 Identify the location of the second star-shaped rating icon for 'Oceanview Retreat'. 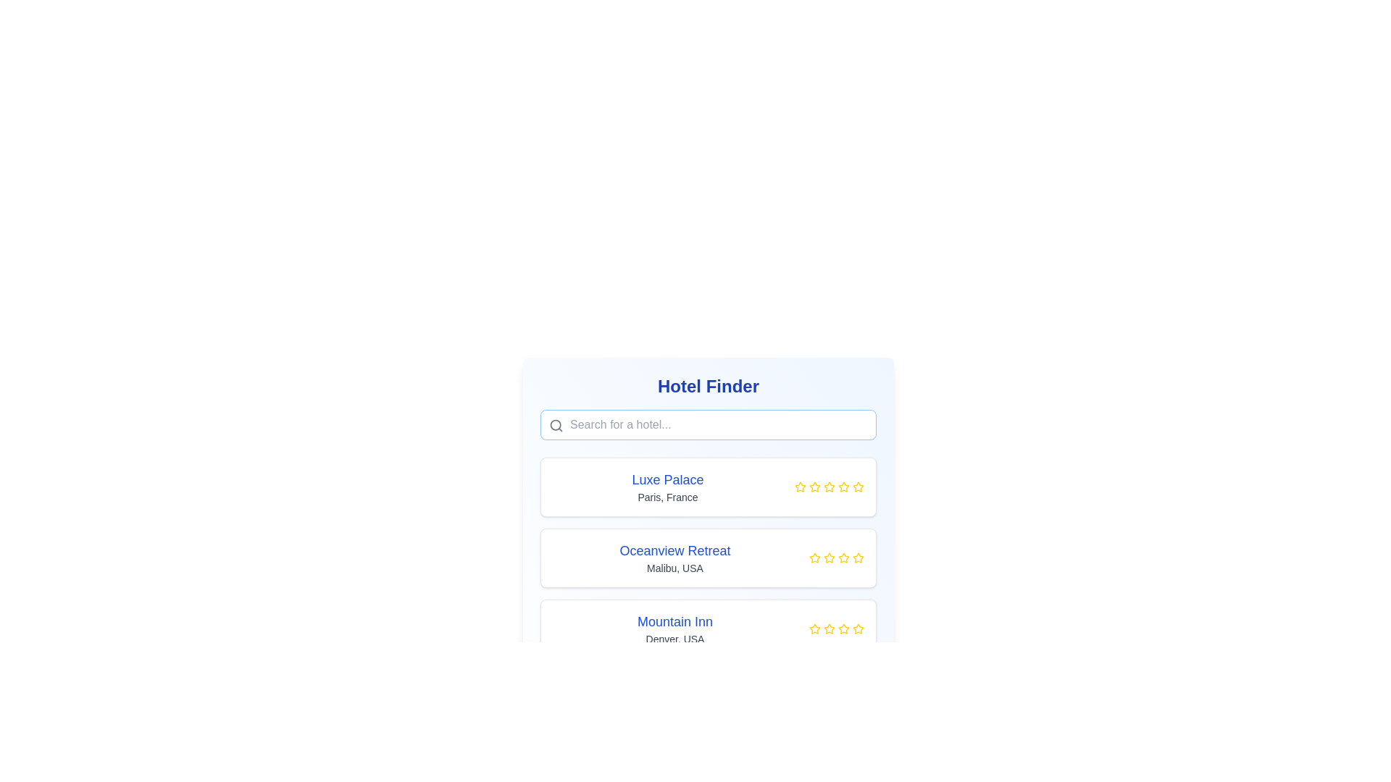
(830, 557).